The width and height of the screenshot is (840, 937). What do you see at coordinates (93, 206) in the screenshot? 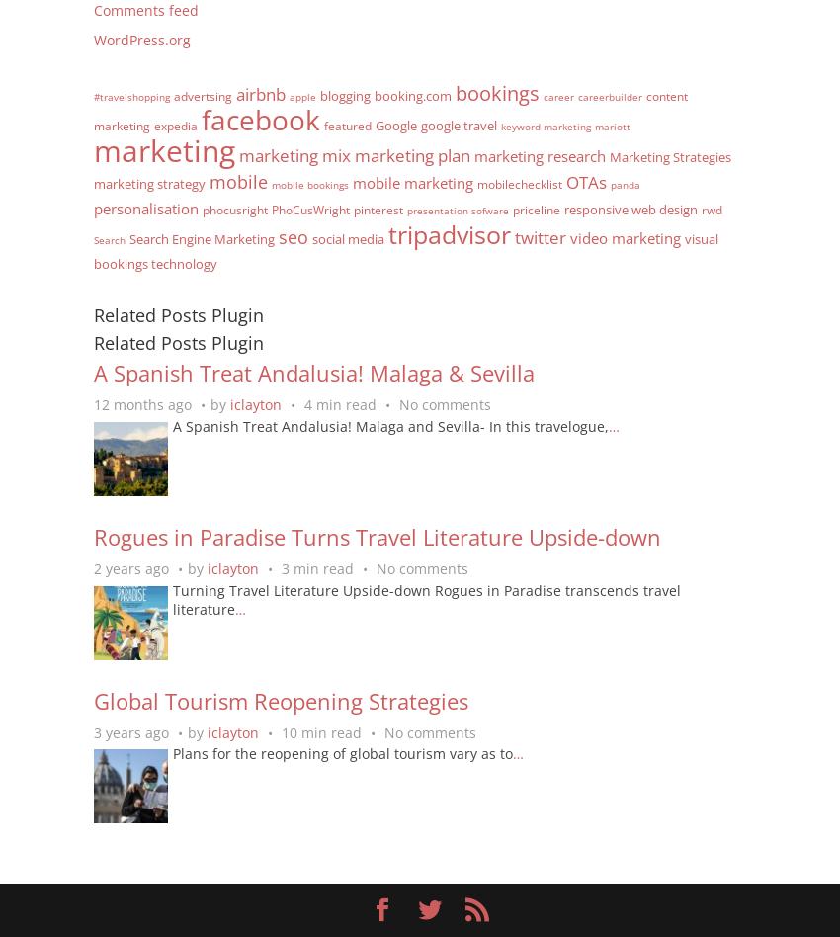
I see `'personalisation'` at bounding box center [93, 206].